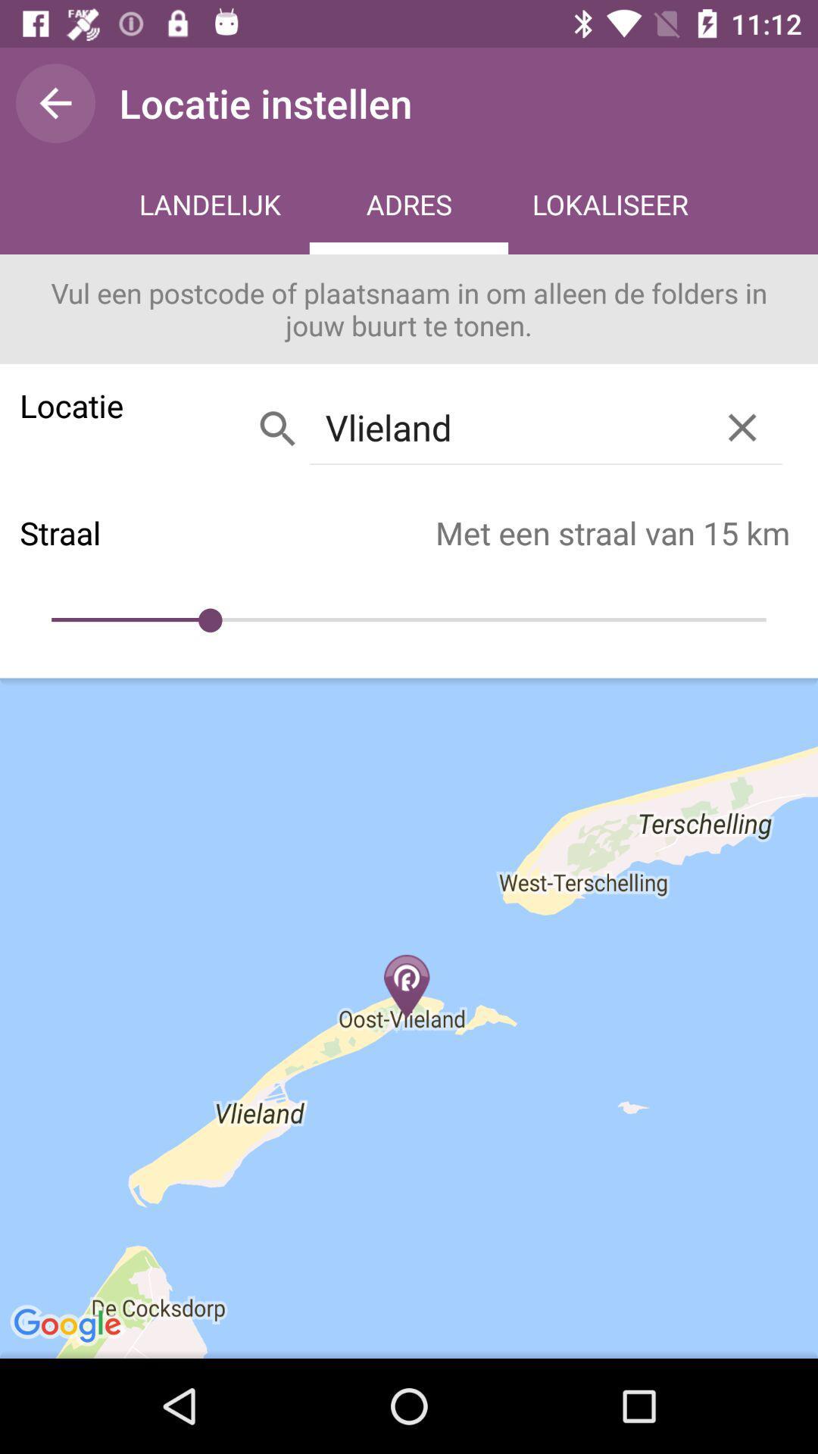  What do you see at coordinates (742, 426) in the screenshot?
I see `the close icon` at bounding box center [742, 426].